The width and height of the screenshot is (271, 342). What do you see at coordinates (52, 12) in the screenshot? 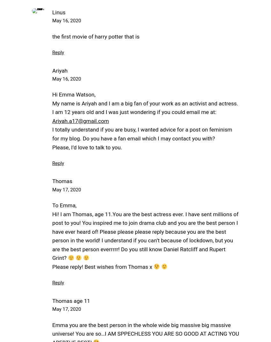
I see `'Linus'` at bounding box center [52, 12].